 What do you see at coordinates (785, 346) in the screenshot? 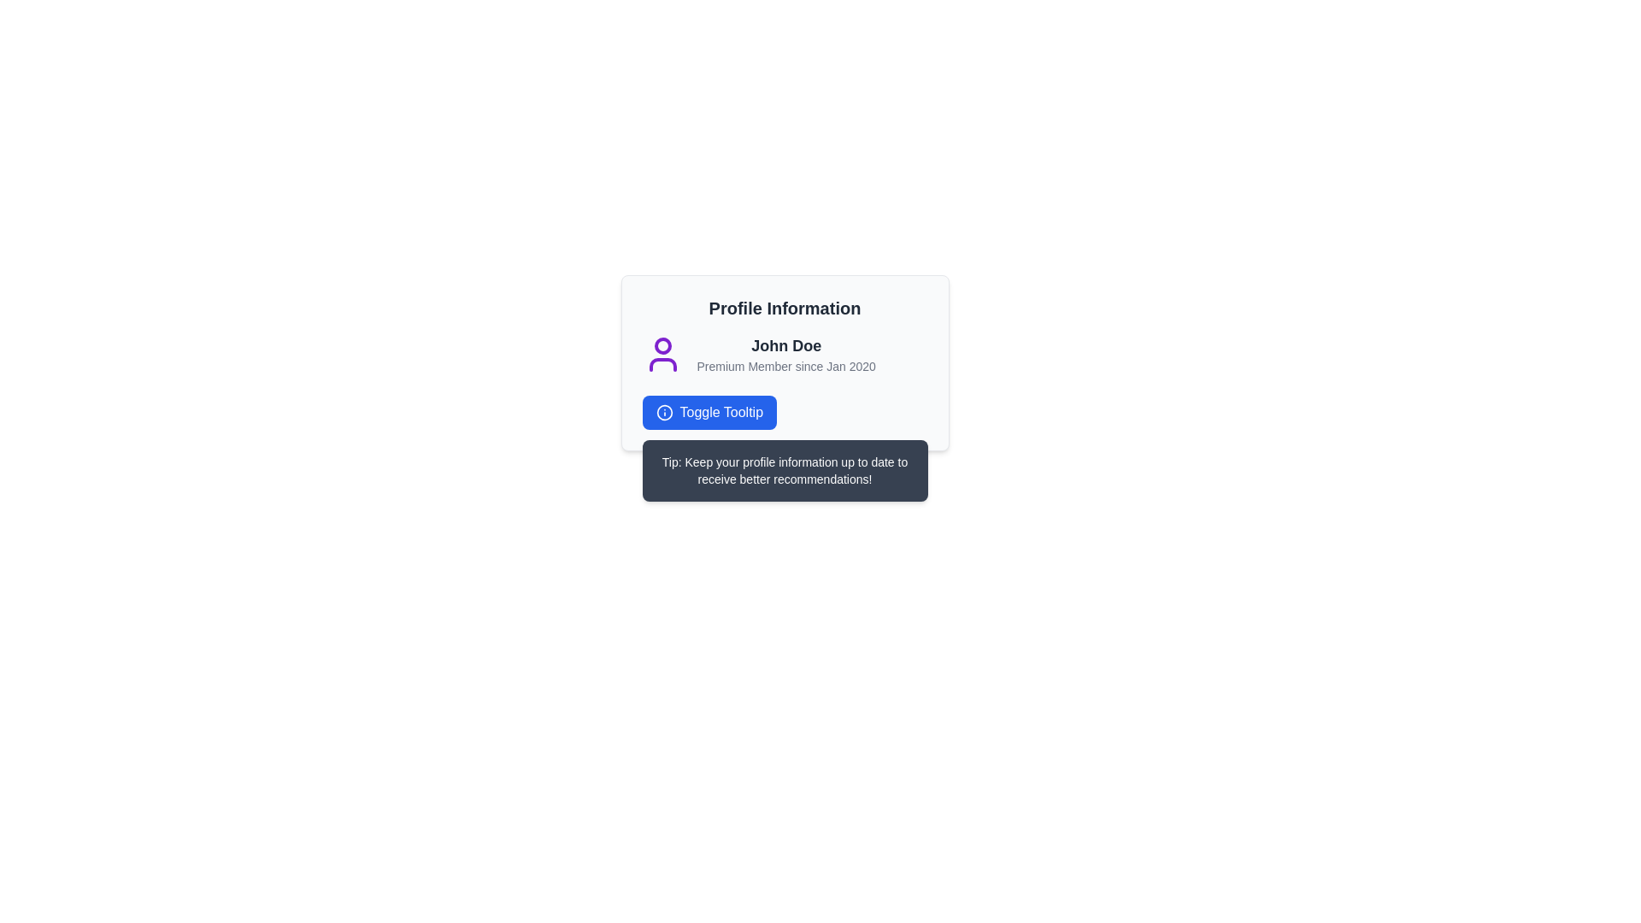
I see `the text label displaying the name 'John Doe', which is centrally located below the title 'Profile Information' in the profile card interface` at bounding box center [785, 346].